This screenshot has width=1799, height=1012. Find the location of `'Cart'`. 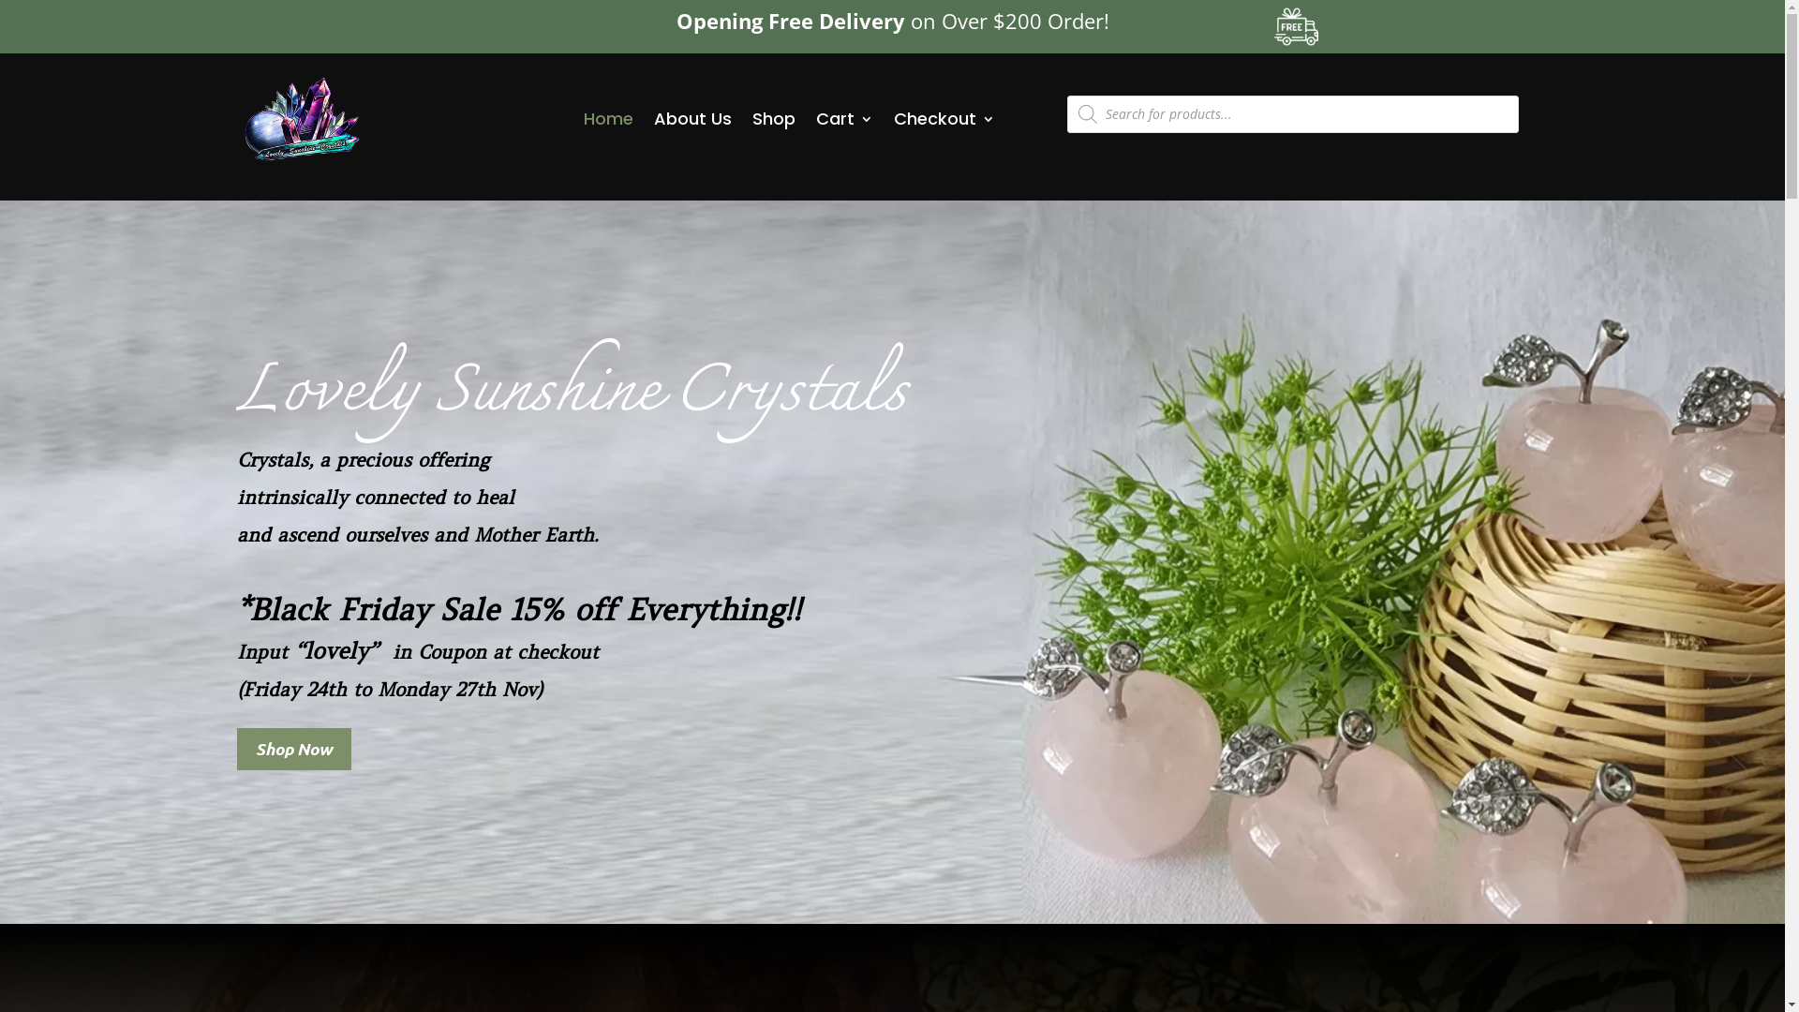

'Cart' is located at coordinates (843, 119).